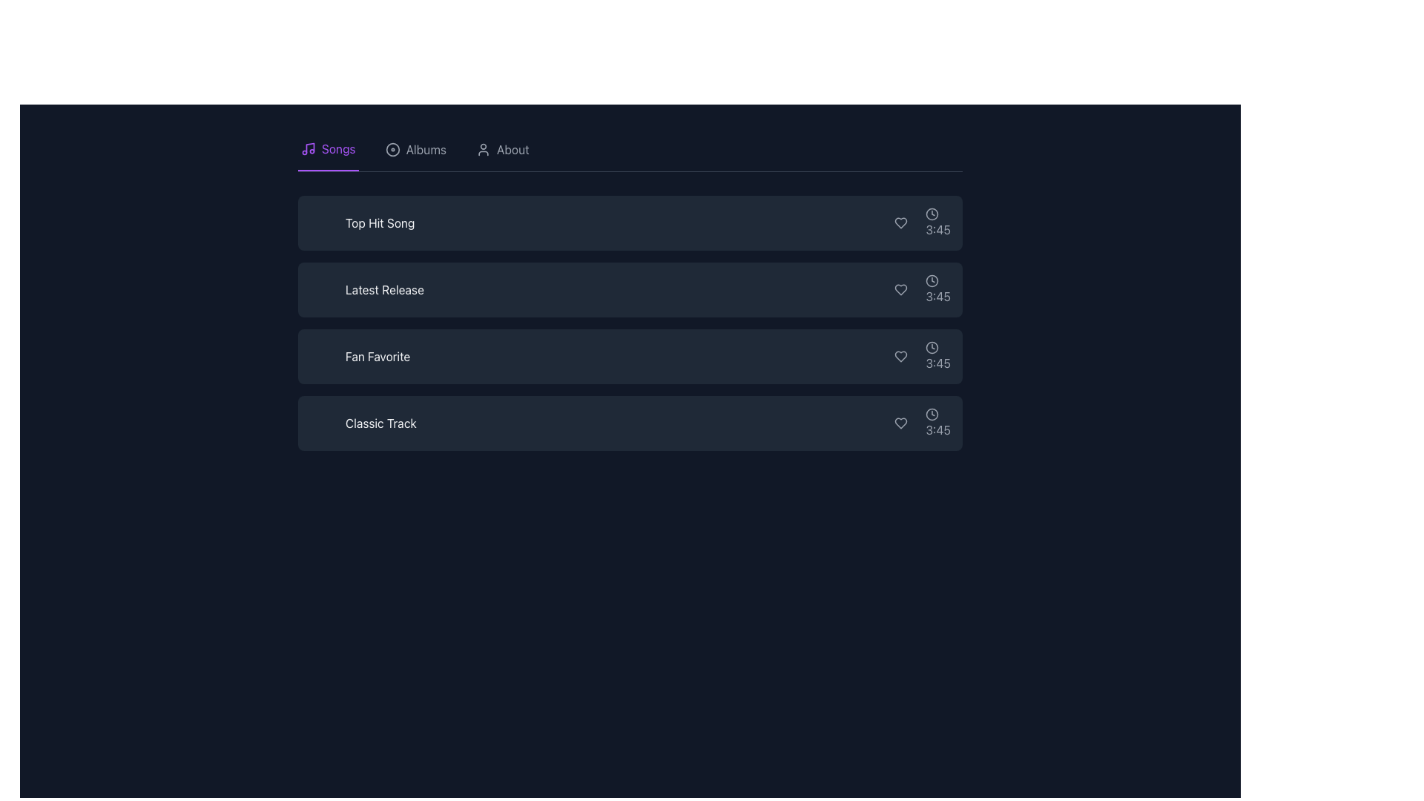  What do you see at coordinates (932, 280) in the screenshot?
I see `the circular outline of the clock face icon located to the right of the 'Latest Release' song entry adjacent to the time label '3:45'` at bounding box center [932, 280].